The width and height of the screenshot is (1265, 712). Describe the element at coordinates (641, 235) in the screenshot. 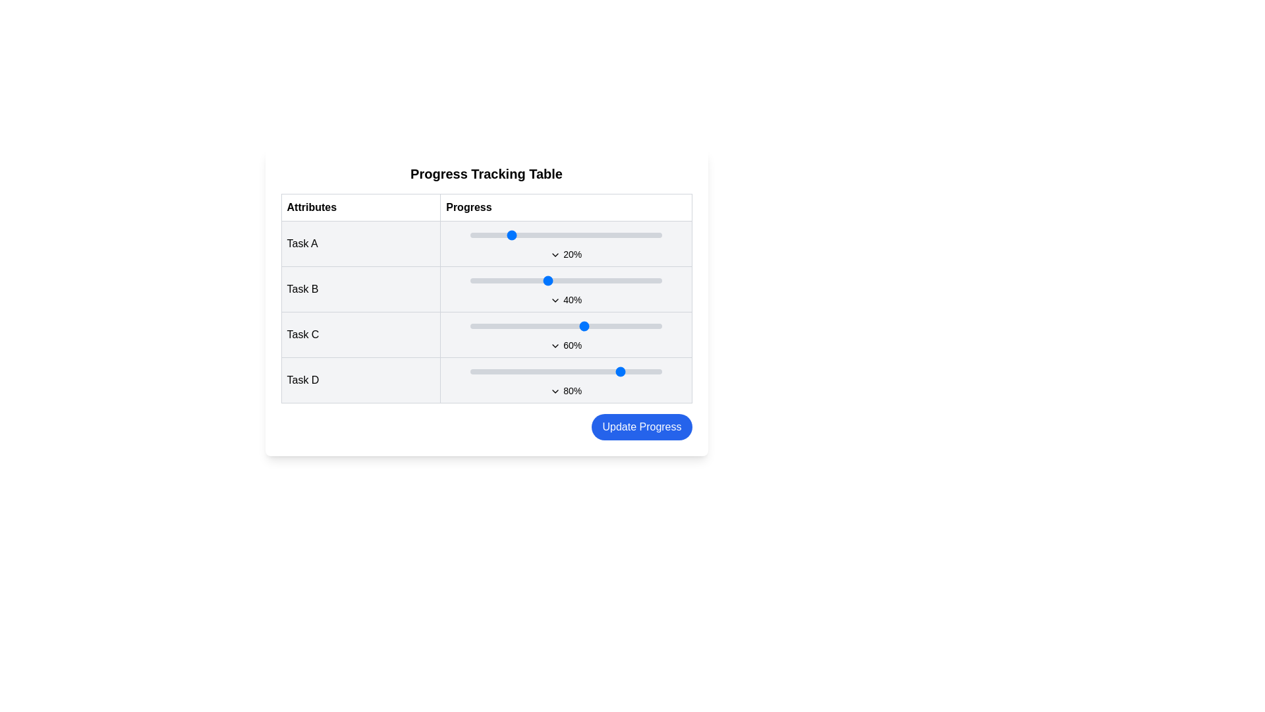

I see `progress value` at that location.